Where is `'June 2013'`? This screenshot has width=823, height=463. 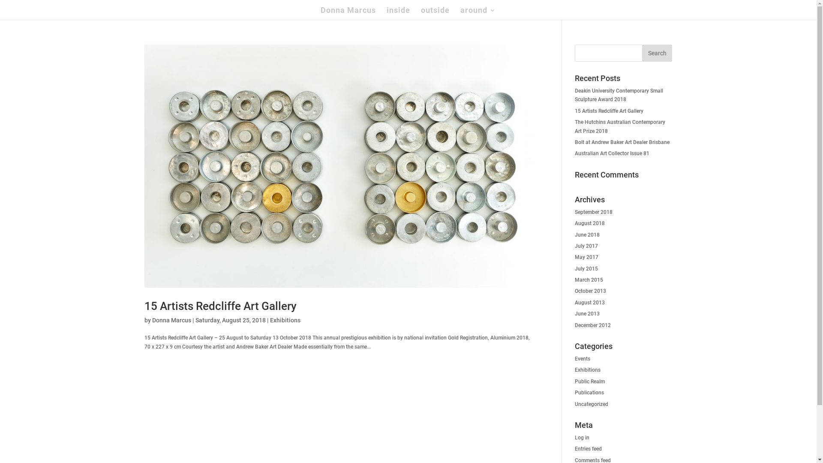
'June 2013' is located at coordinates (586, 314).